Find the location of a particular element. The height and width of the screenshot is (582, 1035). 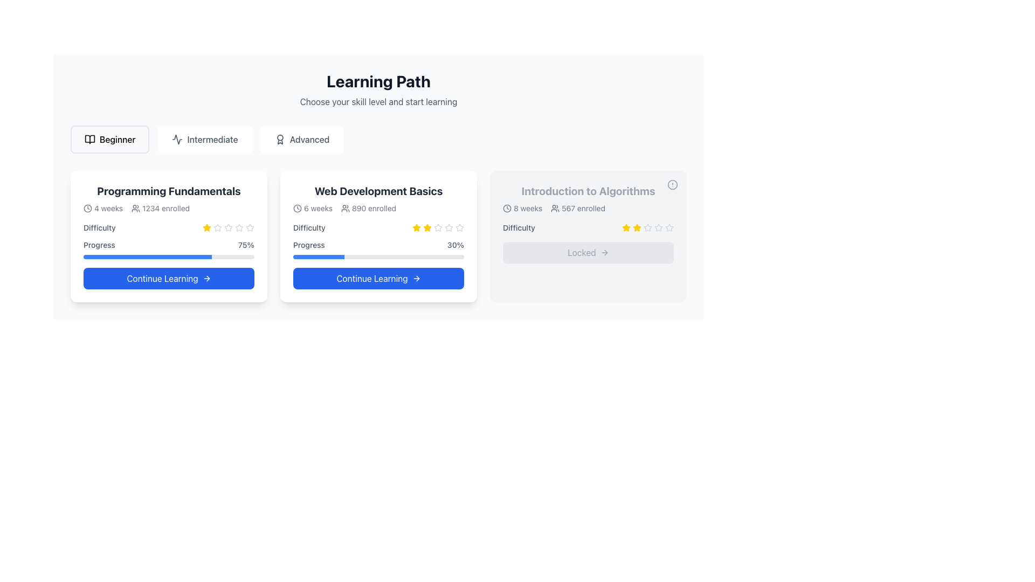

the 'Continue Learning' button with a blue background and white text located at the bottom of the 'Programming Fundamentals' card to proceed to learning content is located at coordinates (168, 278).